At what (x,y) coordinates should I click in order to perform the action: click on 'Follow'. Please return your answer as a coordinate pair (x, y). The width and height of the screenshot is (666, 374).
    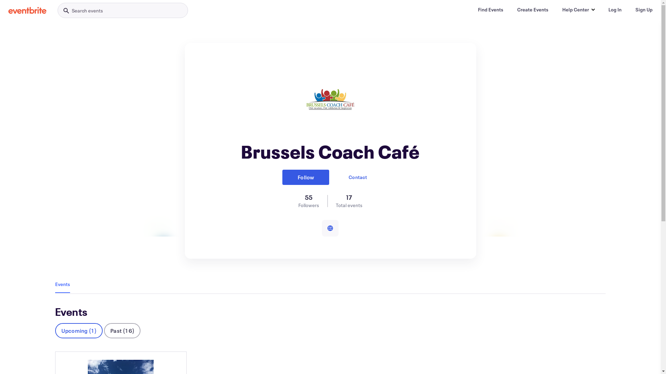
    Looking at the image, I should click on (305, 177).